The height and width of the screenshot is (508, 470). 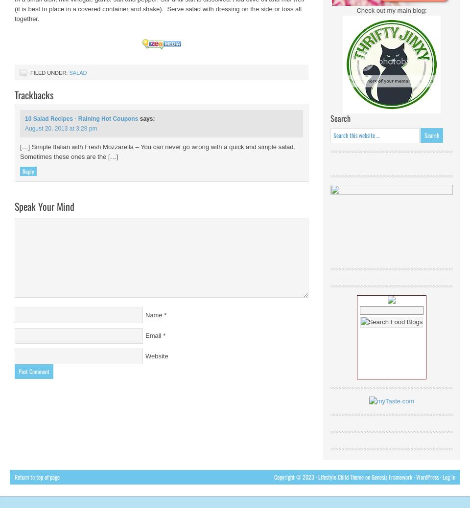 I want to click on '[…] Simple Italian with Fresh Mozzarella – You can never go wrong with a quick and simple salad. Sometimes these ones are the […]', so click(x=157, y=152).